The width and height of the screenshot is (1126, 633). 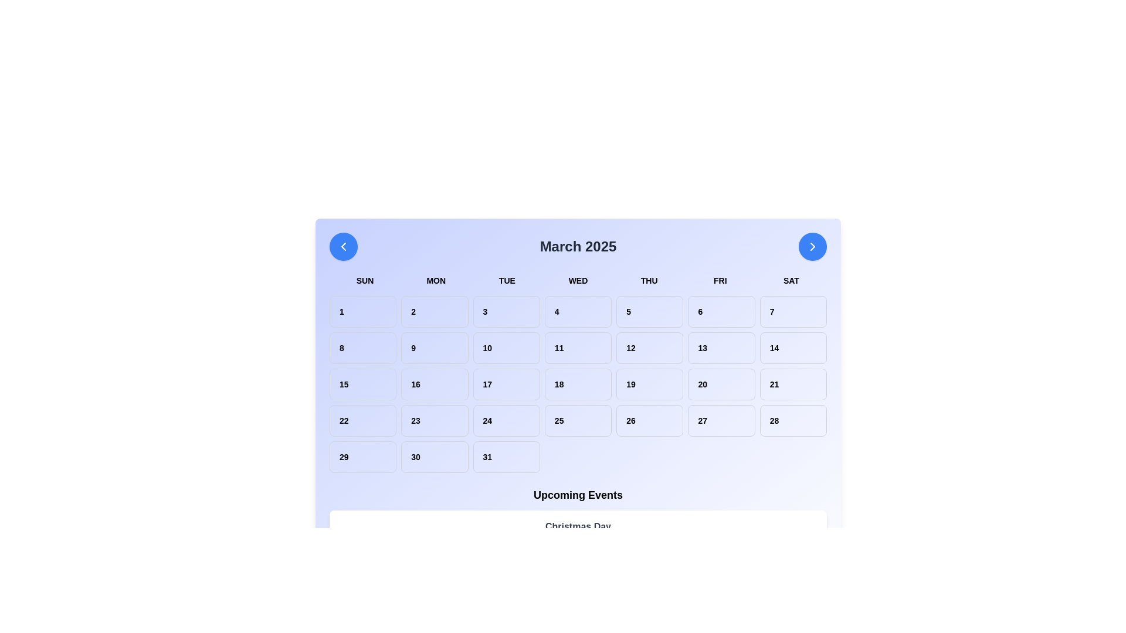 What do you see at coordinates (578, 384) in the screenshot?
I see `the interactive calendar date cell located in the second row and fourth column of the calendar grid` at bounding box center [578, 384].